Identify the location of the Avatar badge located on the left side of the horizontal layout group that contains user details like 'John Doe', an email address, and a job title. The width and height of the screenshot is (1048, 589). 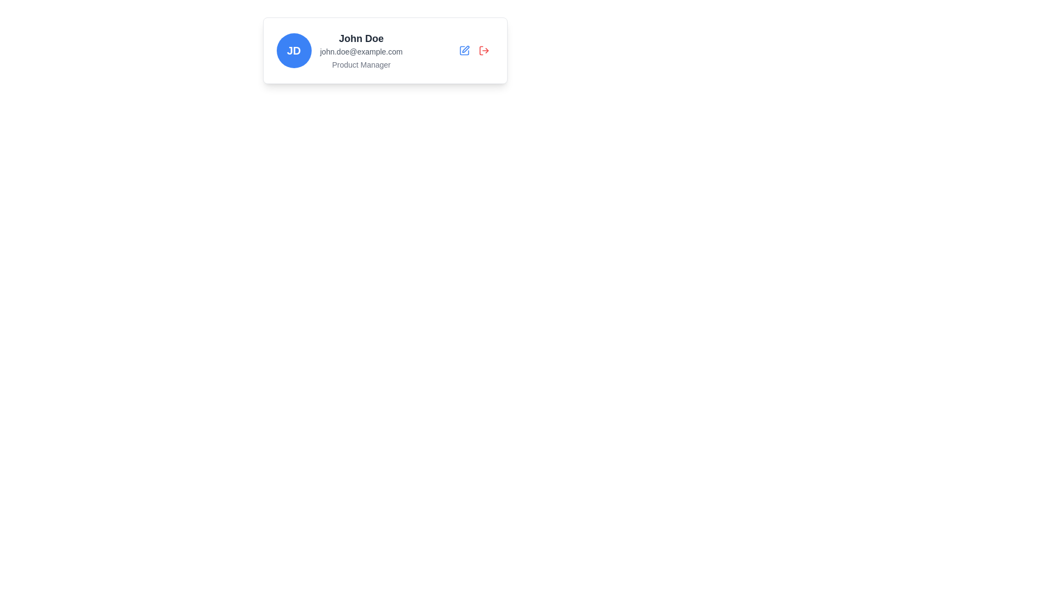
(294, 50).